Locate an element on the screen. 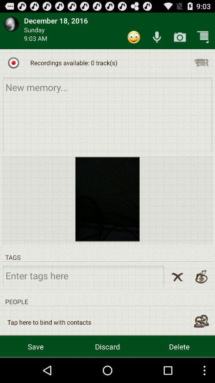  emojis is located at coordinates (134, 37).